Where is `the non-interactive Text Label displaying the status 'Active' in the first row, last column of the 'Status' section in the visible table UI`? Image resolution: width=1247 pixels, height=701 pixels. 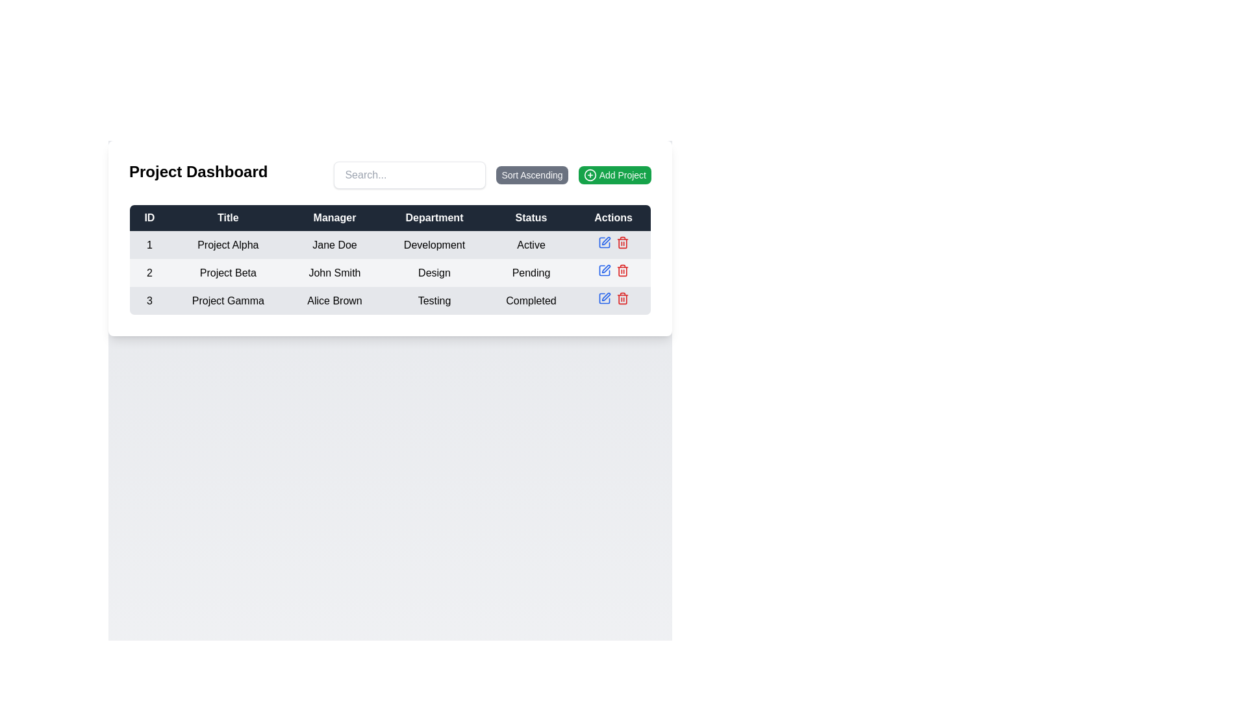 the non-interactive Text Label displaying the status 'Active' in the first row, last column of the 'Status' section in the visible table UI is located at coordinates (531, 245).